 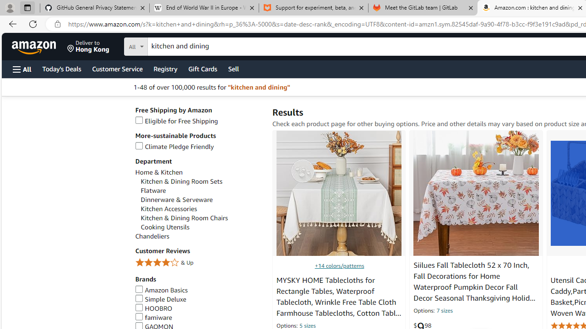 What do you see at coordinates (176, 199) in the screenshot?
I see `'Dinnerware & Serveware'` at bounding box center [176, 199].